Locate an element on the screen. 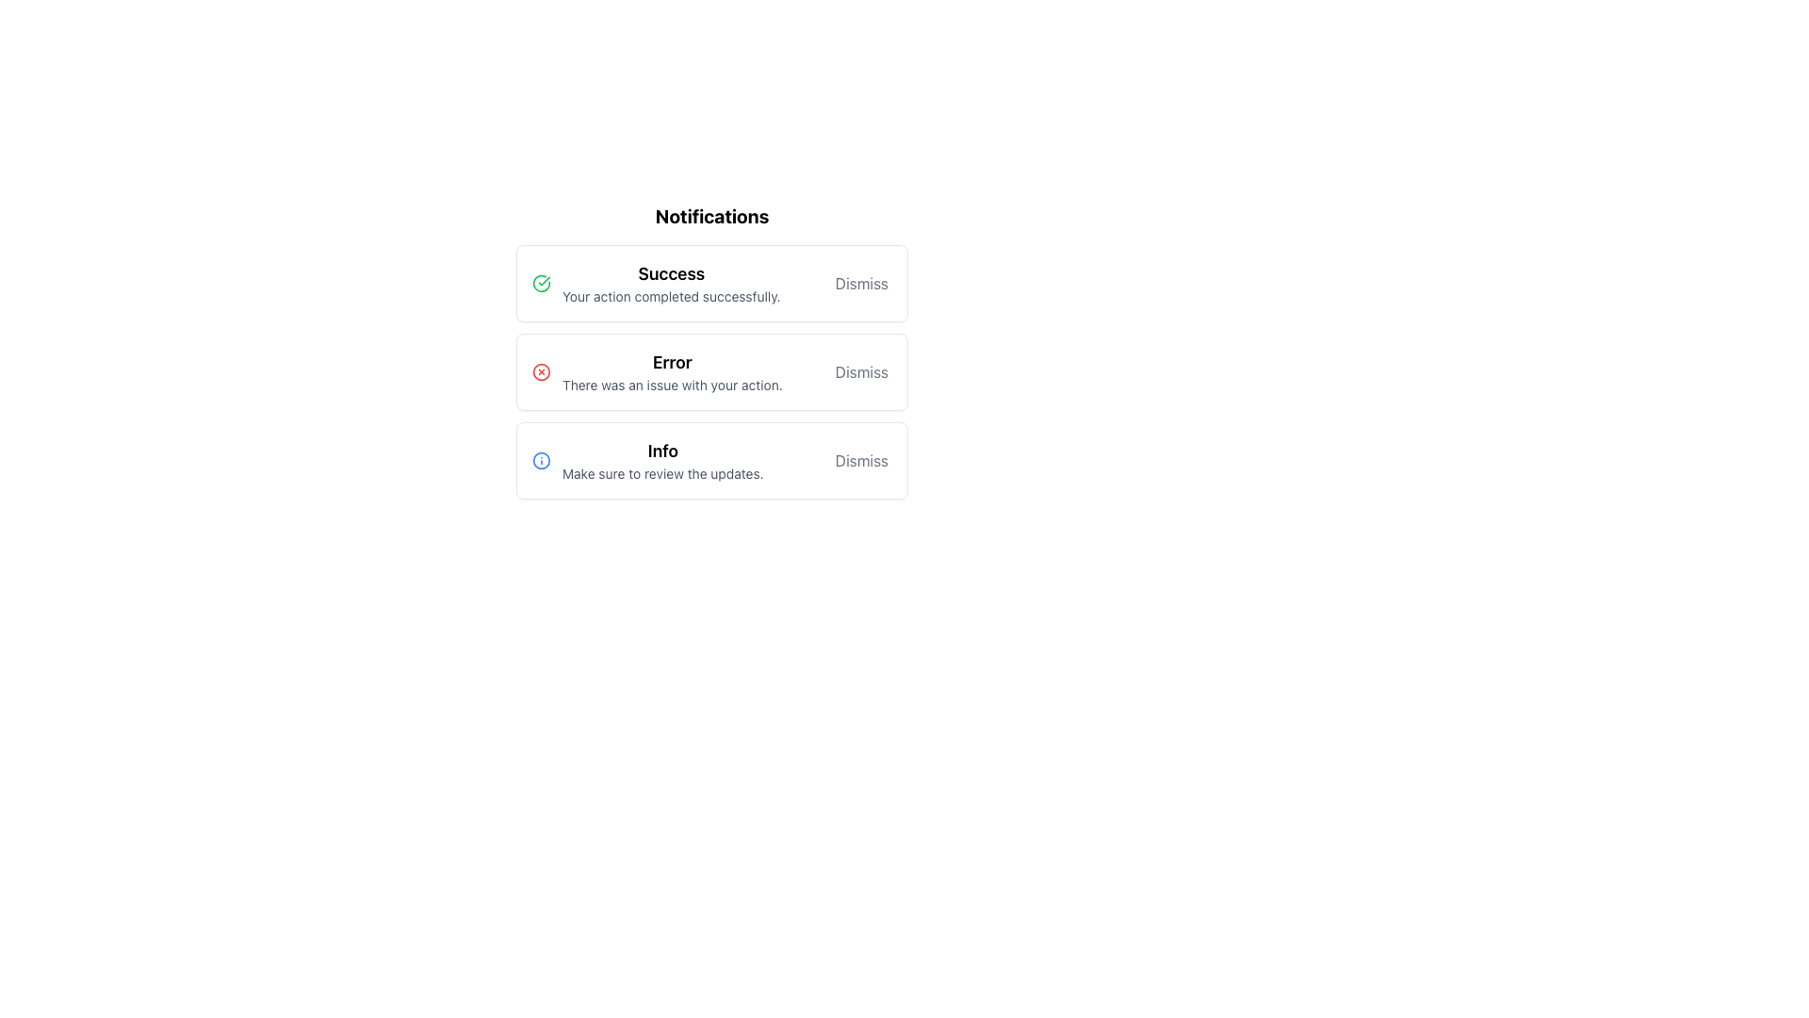 The height and width of the screenshot is (1018, 1809). the success status icon located at the left side of the 'Success' notification card, which is adjacent to the 'Success' heading and description is located at coordinates (541, 283).